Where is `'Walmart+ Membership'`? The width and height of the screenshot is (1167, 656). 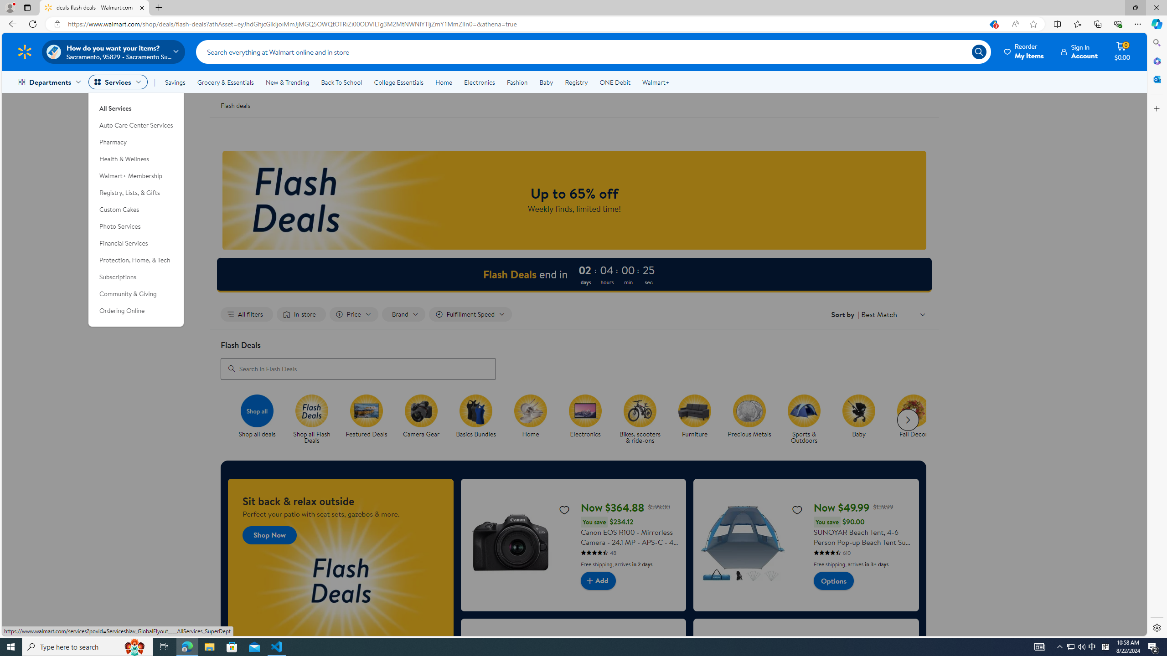 'Walmart+ Membership' is located at coordinates (136, 176).